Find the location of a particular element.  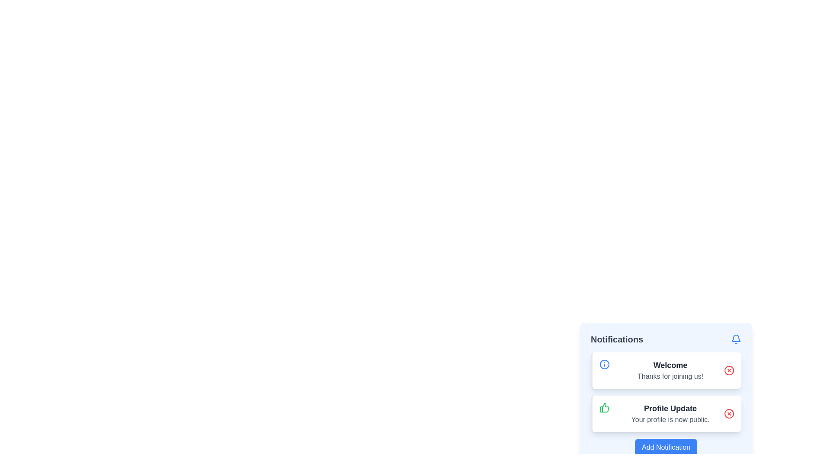

supportive message located below the 'Welcome' header text inside the notification card in the bottom-right area of the interface is located at coordinates (670, 376).